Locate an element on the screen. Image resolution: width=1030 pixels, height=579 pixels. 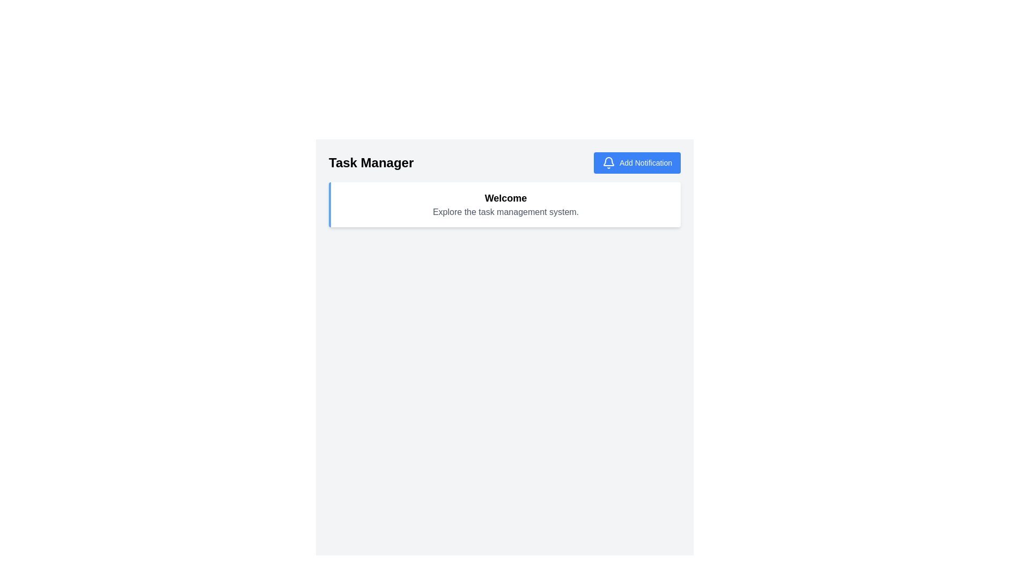
the lower portion of the bell-shaped notification icon located at the right end of the top bar in the interface is located at coordinates (608, 161).